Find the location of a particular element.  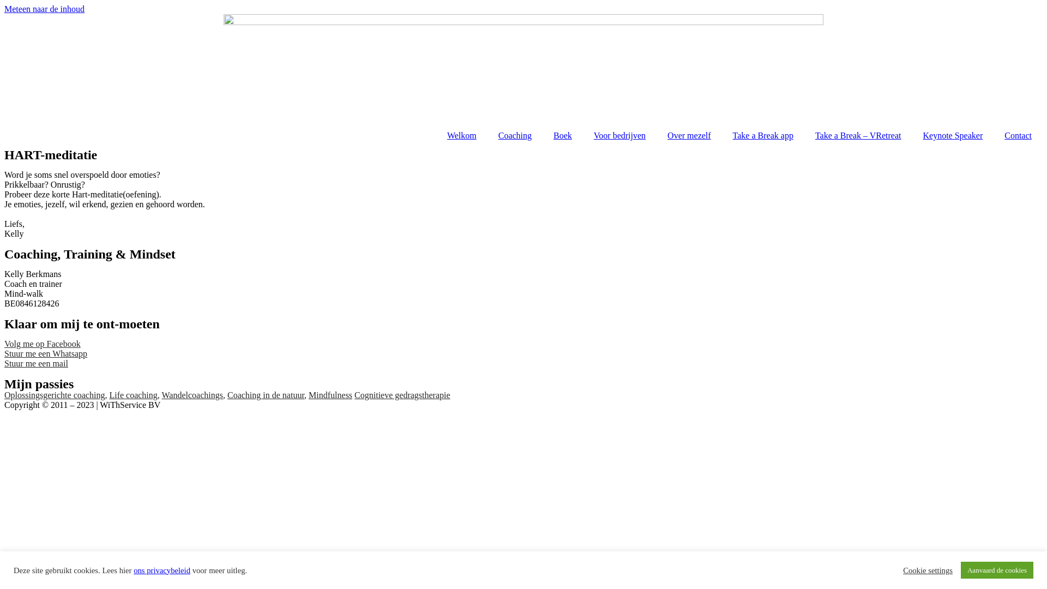

'Stuur me een mail' is located at coordinates (36, 363).